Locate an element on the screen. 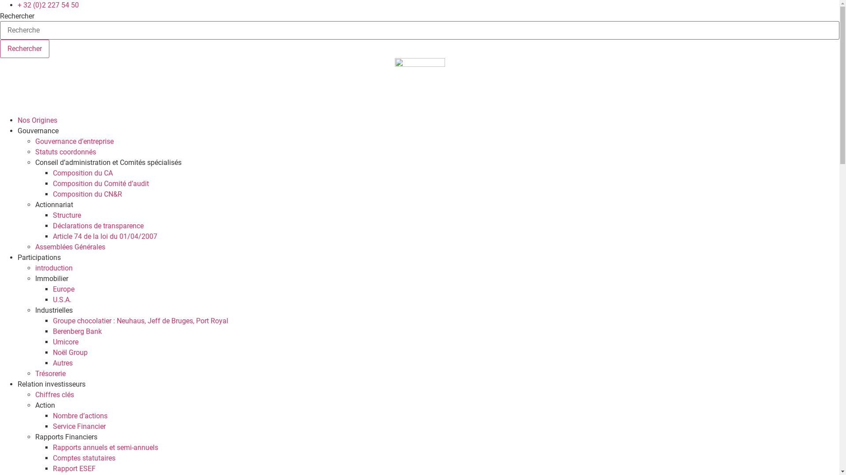 This screenshot has width=846, height=475. 'Rapport ESEF' is located at coordinates (52, 468).